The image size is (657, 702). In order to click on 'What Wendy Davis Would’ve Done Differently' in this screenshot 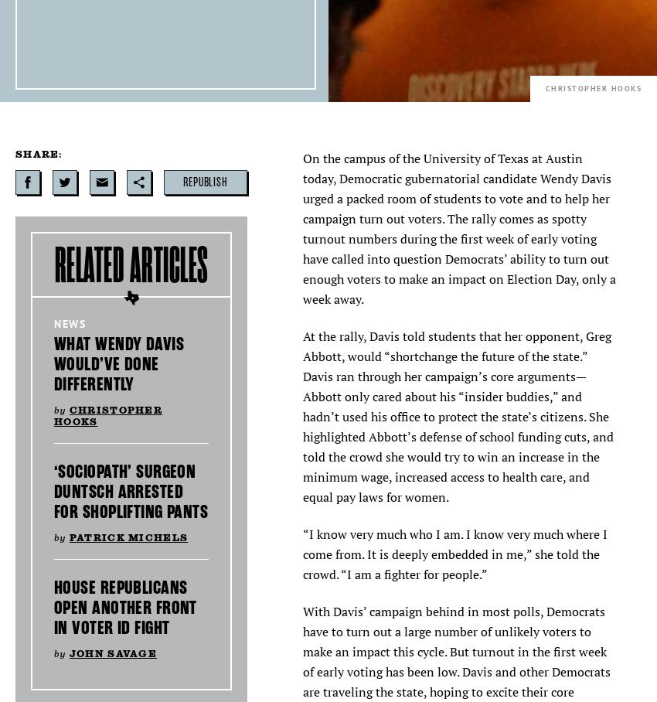, I will do `click(119, 363)`.